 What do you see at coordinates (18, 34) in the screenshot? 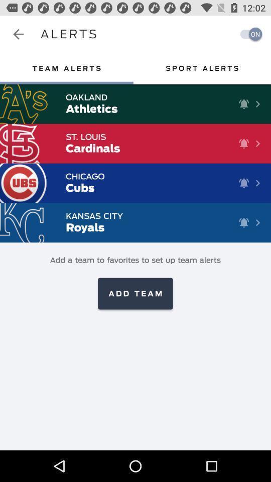
I see `app to the left of the alerts icon` at bounding box center [18, 34].